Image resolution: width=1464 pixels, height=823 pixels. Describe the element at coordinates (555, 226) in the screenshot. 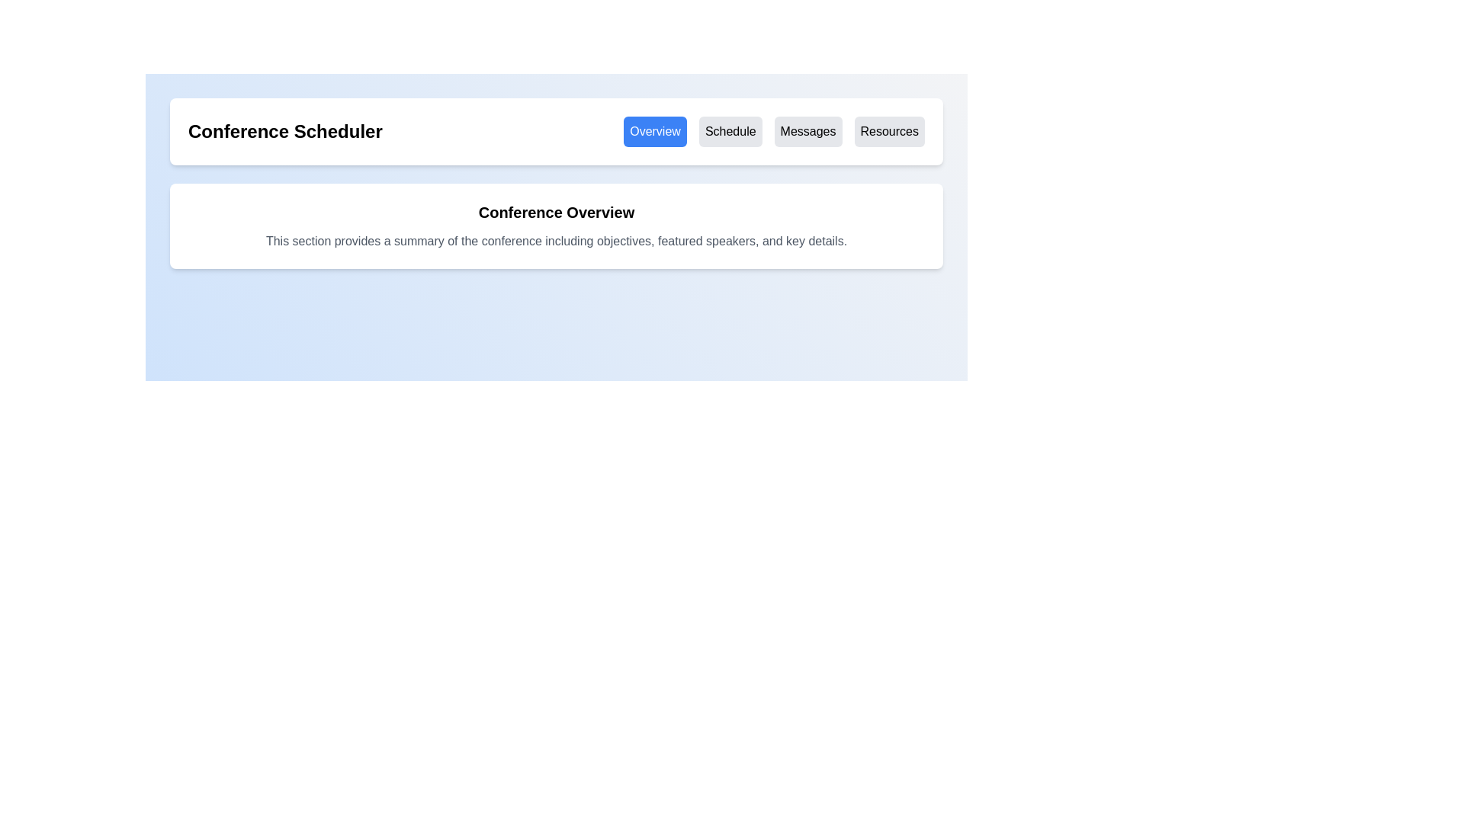

I see `the Information Section element titled 'Conference Overview', which is visually distinct with a bold heading and descriptive paragraph, located centrally below the navigation bar` at that location.